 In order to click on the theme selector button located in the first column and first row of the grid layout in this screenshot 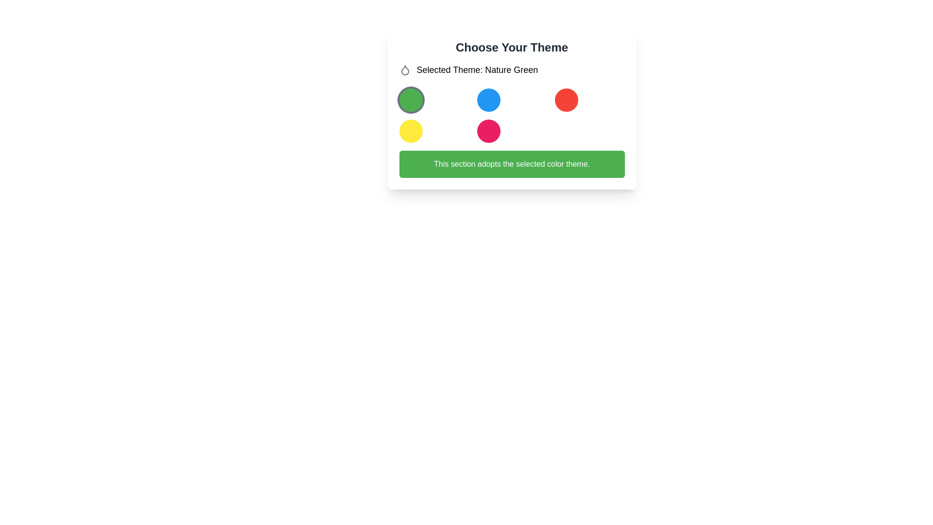, I will do `click(411, 100)`.